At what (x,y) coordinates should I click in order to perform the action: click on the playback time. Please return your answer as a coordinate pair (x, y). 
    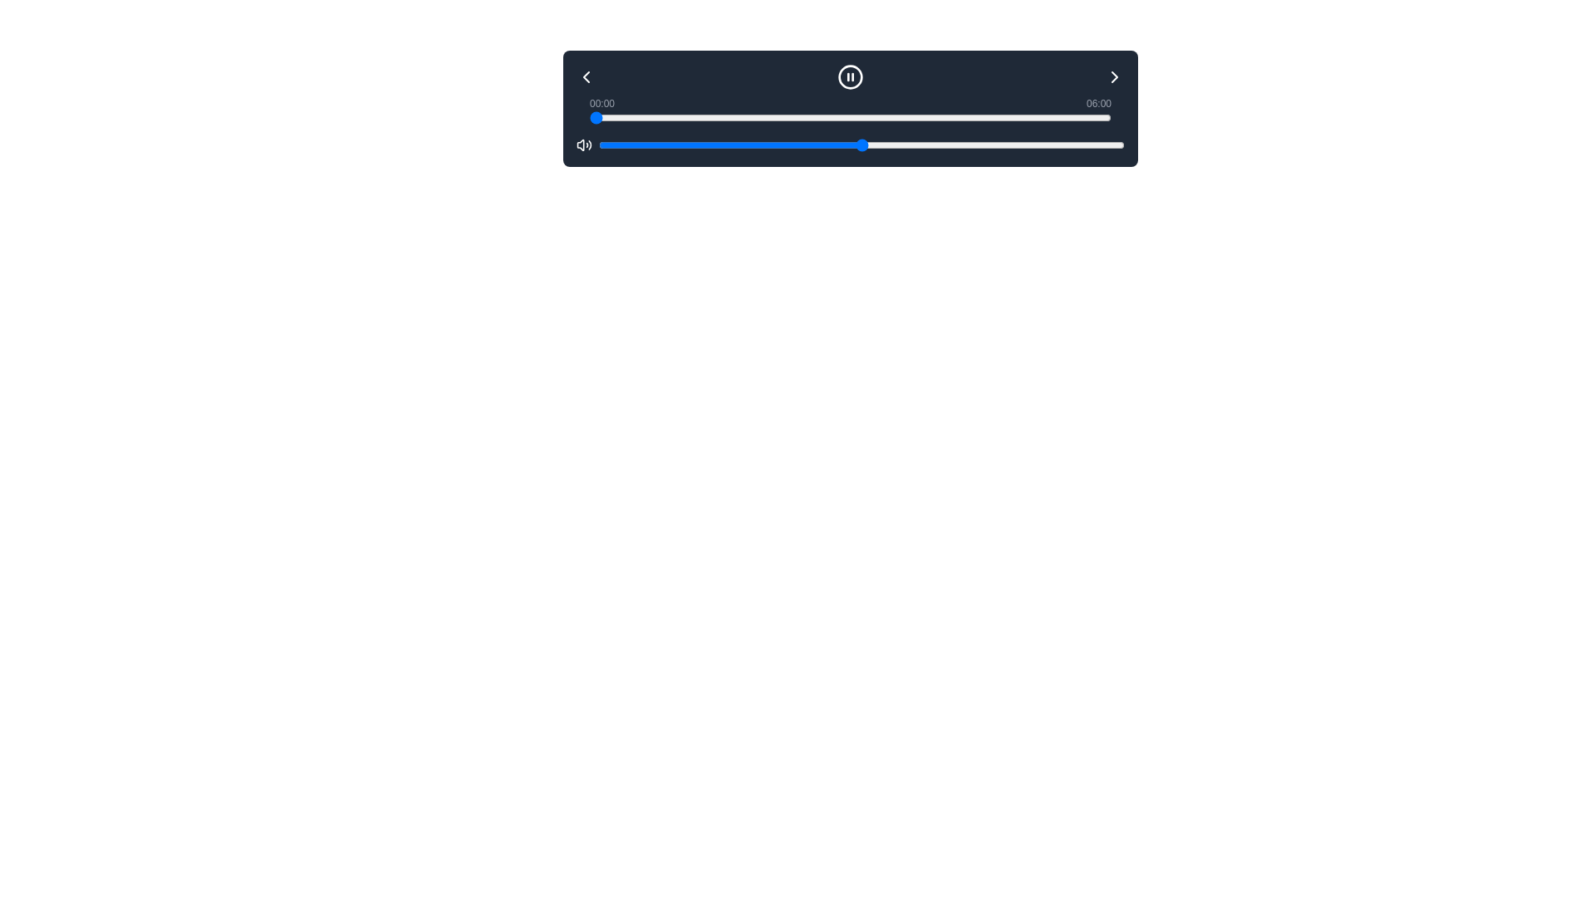
    Looking at the image, I should click on (1089, 117).